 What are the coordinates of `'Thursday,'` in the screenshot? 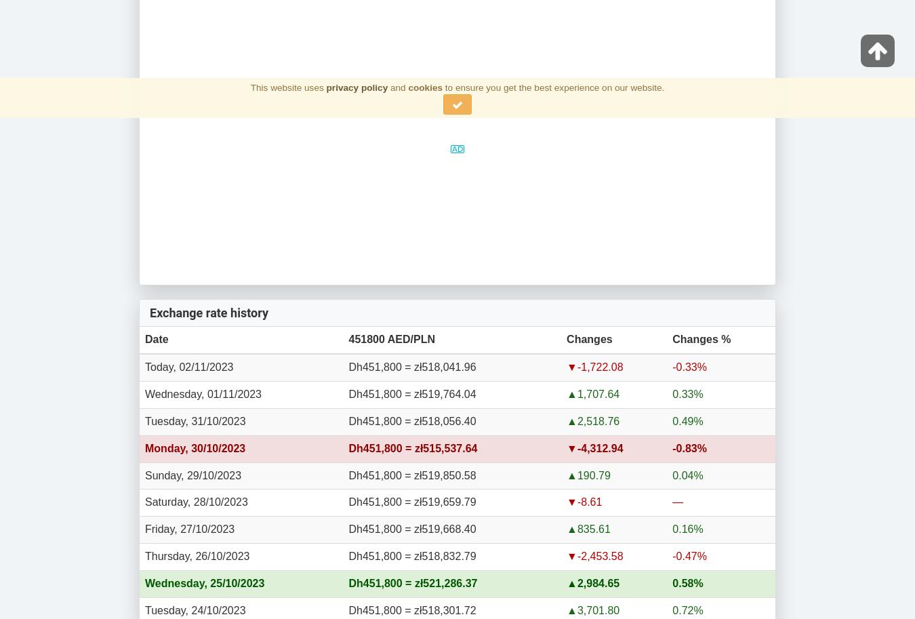 It's located at (144, 555).